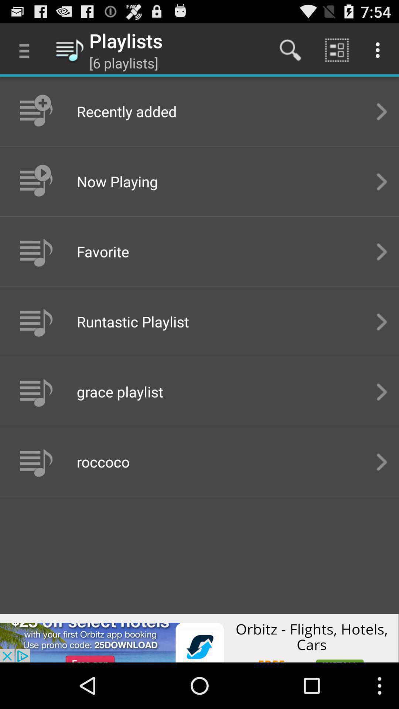 Image resolution: width=399 pixels, height=709 pixels. I want to click on the arrow_forward icon, so click(367, 119).